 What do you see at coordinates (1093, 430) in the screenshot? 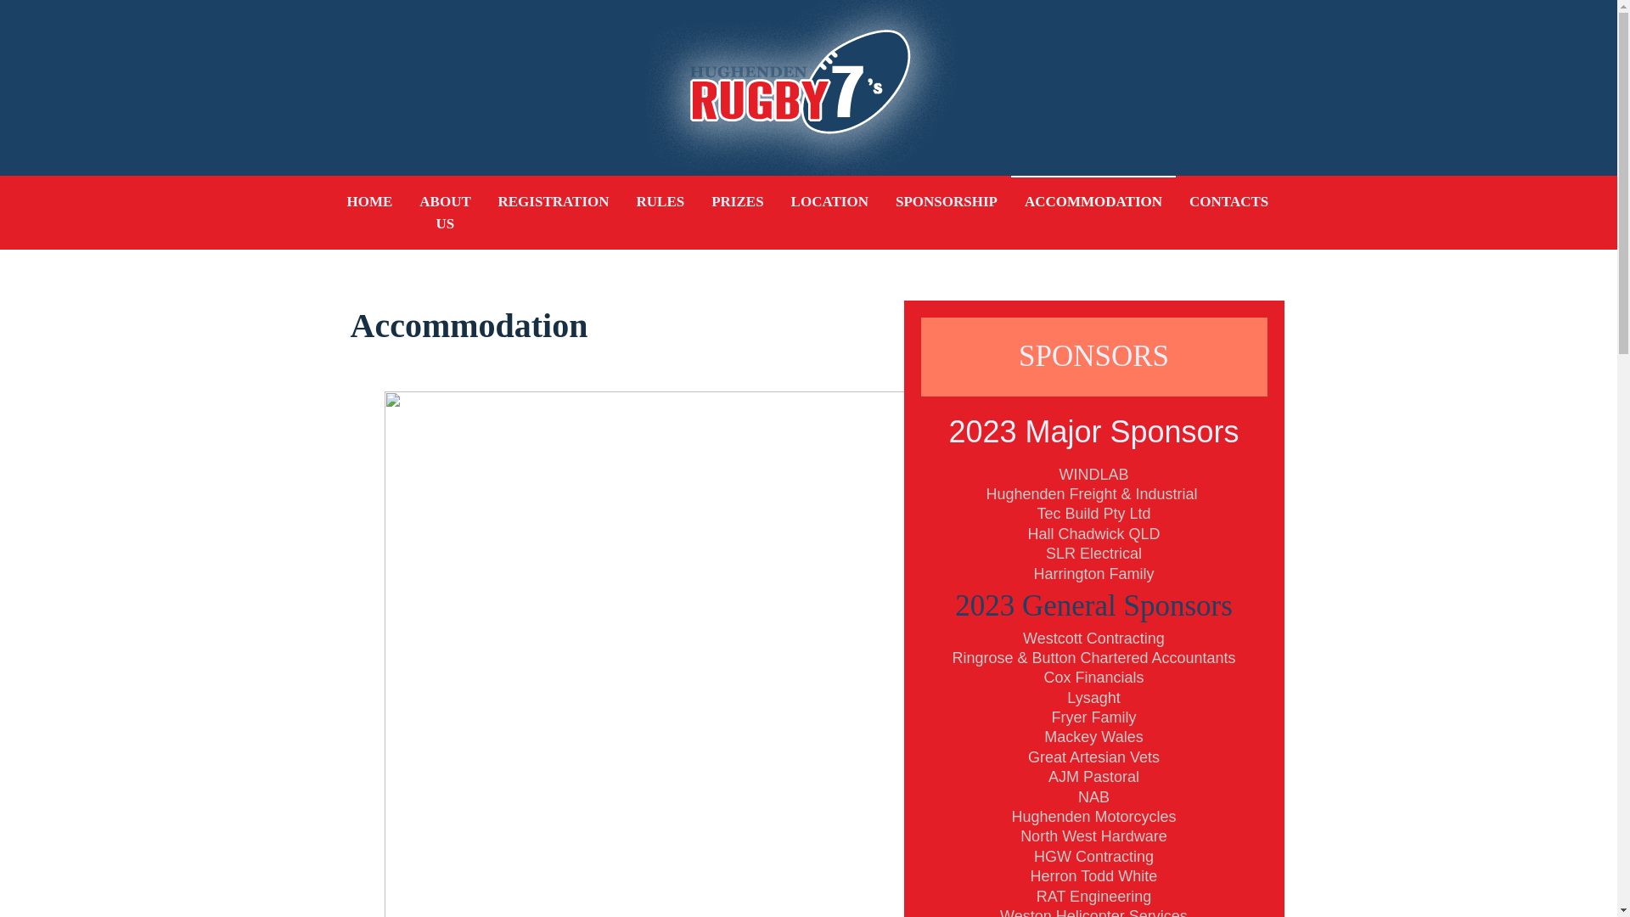
I see `'2023 Major Sponsors'` at bounding box center [1093, 430].